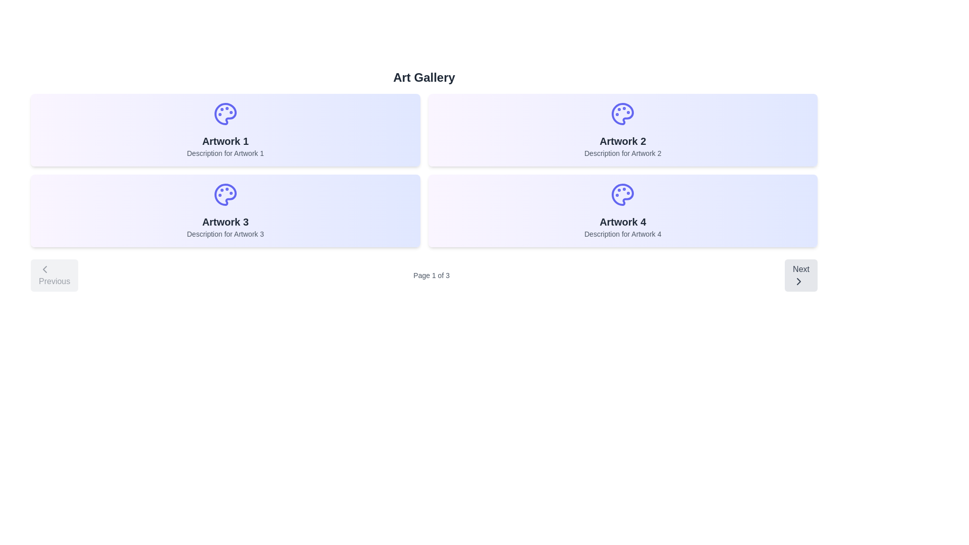 This screenshot has height=545, width=969. I want to click on the Text Label that serves as a subtitle for 'Artwork 3', positioned below its sibling text, so click(225, 234).